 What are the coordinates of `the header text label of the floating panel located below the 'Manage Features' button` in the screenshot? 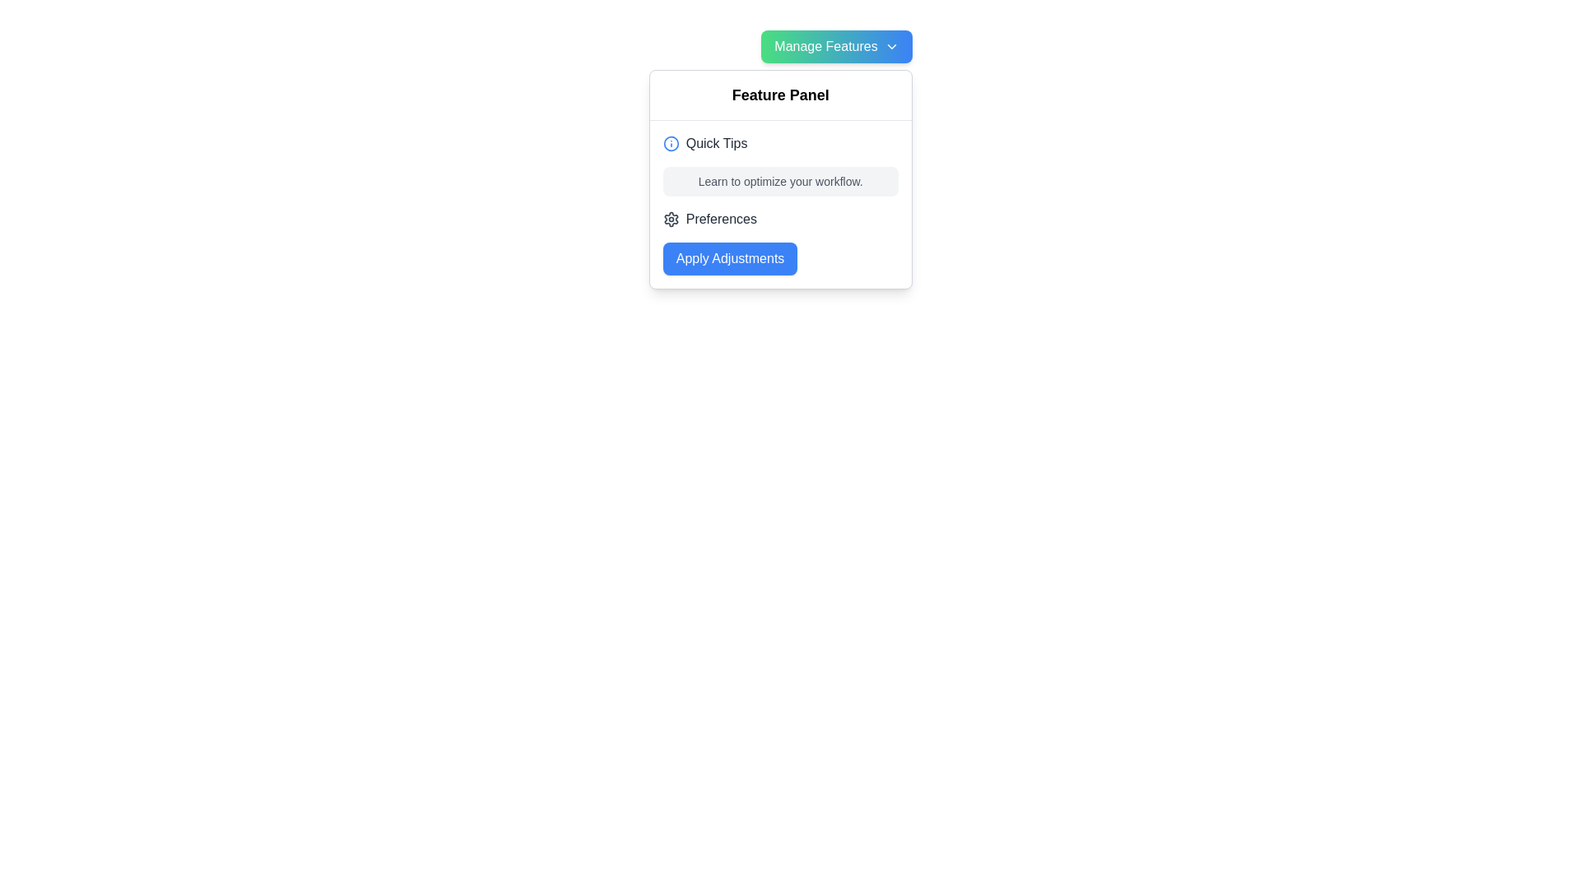 It's located at (779, 95).